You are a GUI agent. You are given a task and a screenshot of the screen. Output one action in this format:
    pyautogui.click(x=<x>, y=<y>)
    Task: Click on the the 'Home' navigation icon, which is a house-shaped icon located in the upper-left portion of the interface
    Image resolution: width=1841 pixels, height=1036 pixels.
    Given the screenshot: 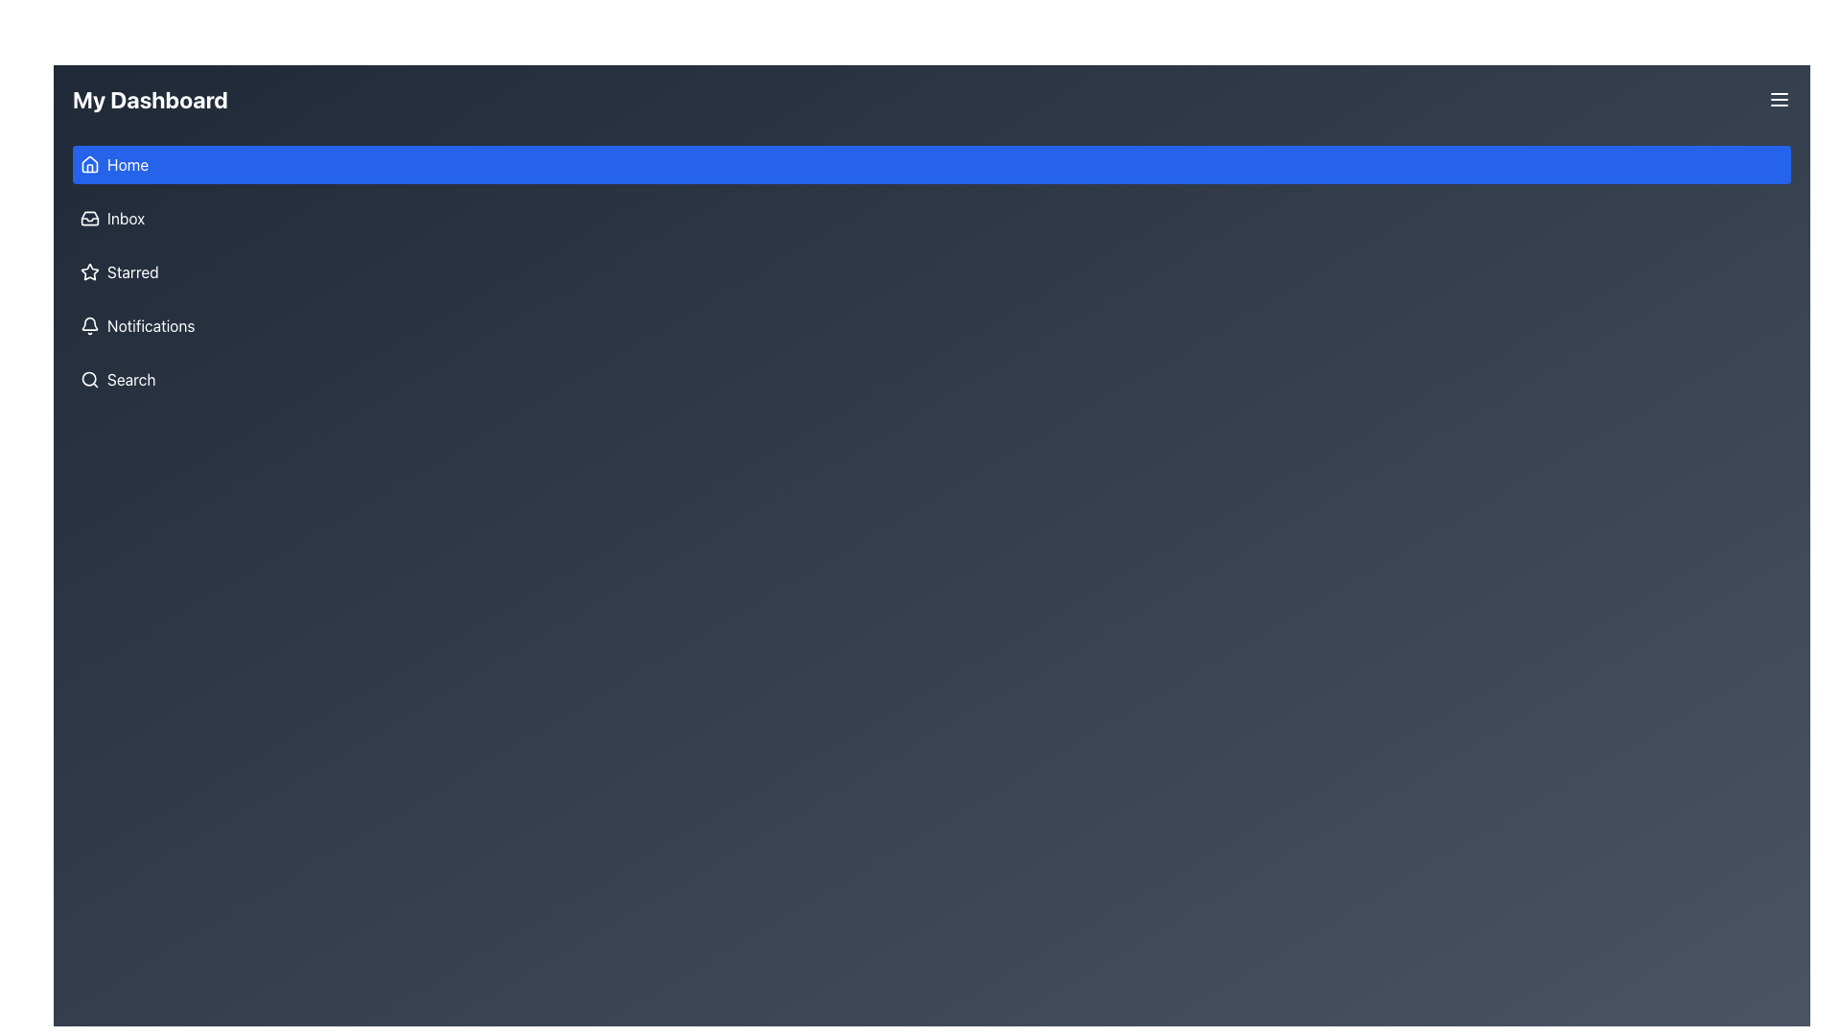 What is the action you would take?
    pyautogui.click(x=89, y=162)
    